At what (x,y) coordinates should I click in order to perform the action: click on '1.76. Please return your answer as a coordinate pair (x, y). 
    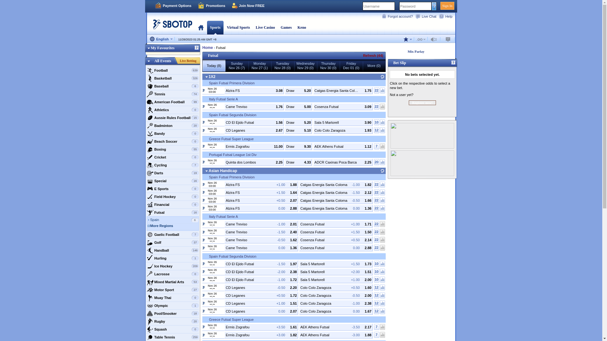
    Looking at the image, I should click on (254, 106).